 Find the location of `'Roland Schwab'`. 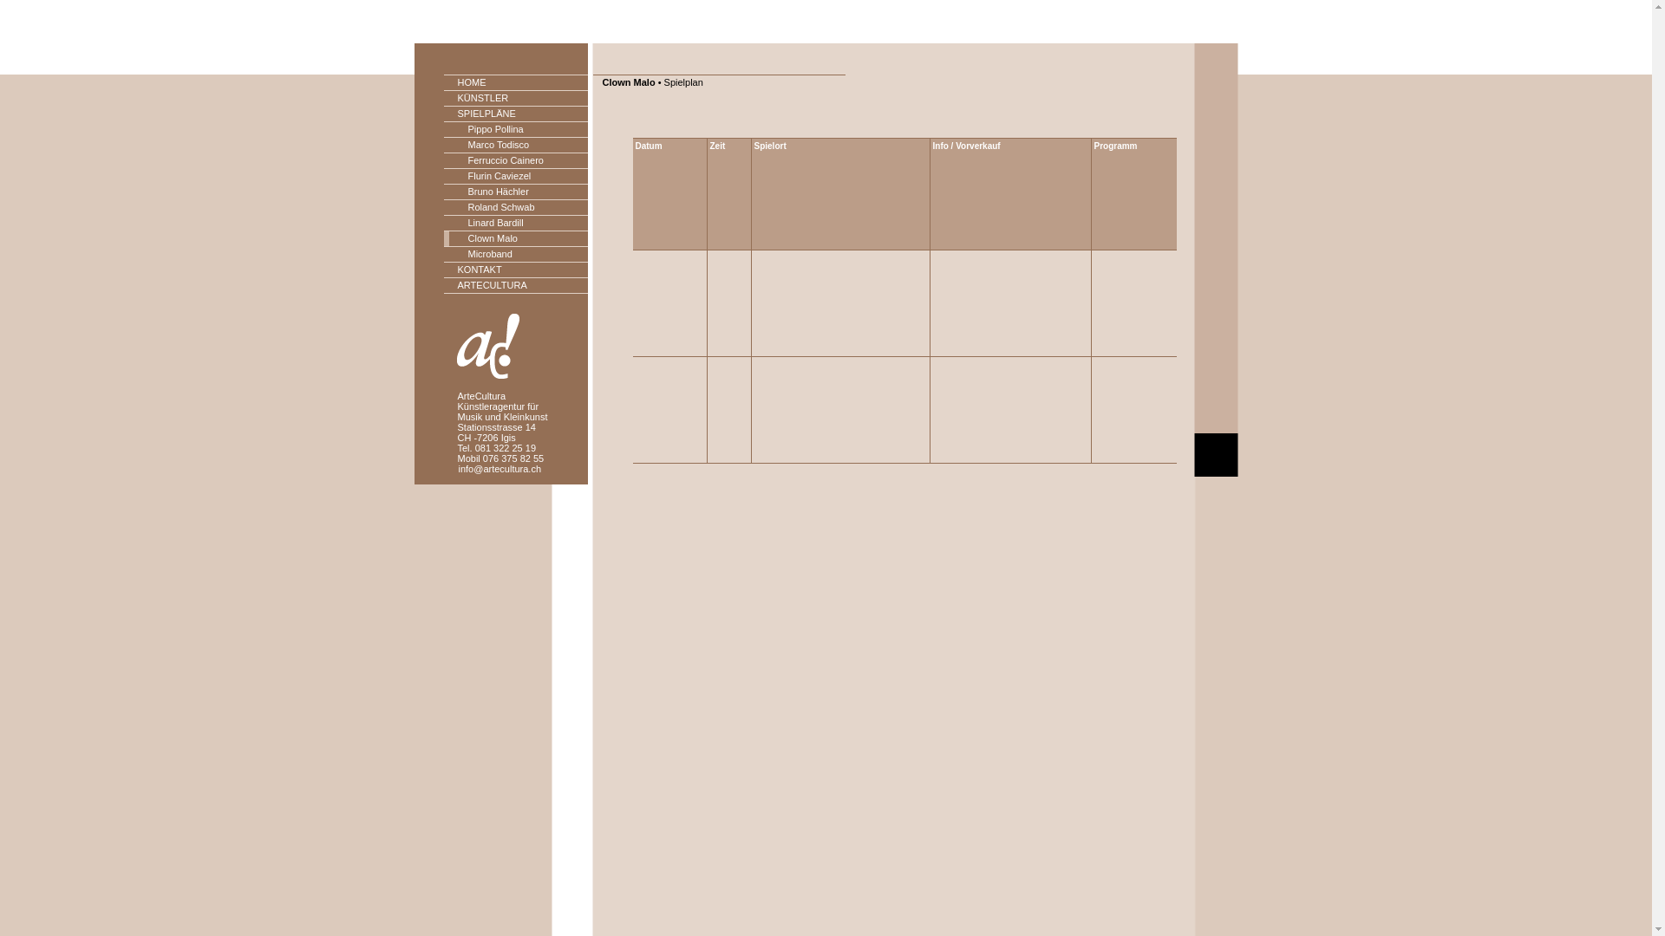

'Roland Schwab' is located at coordinates (515, 206).